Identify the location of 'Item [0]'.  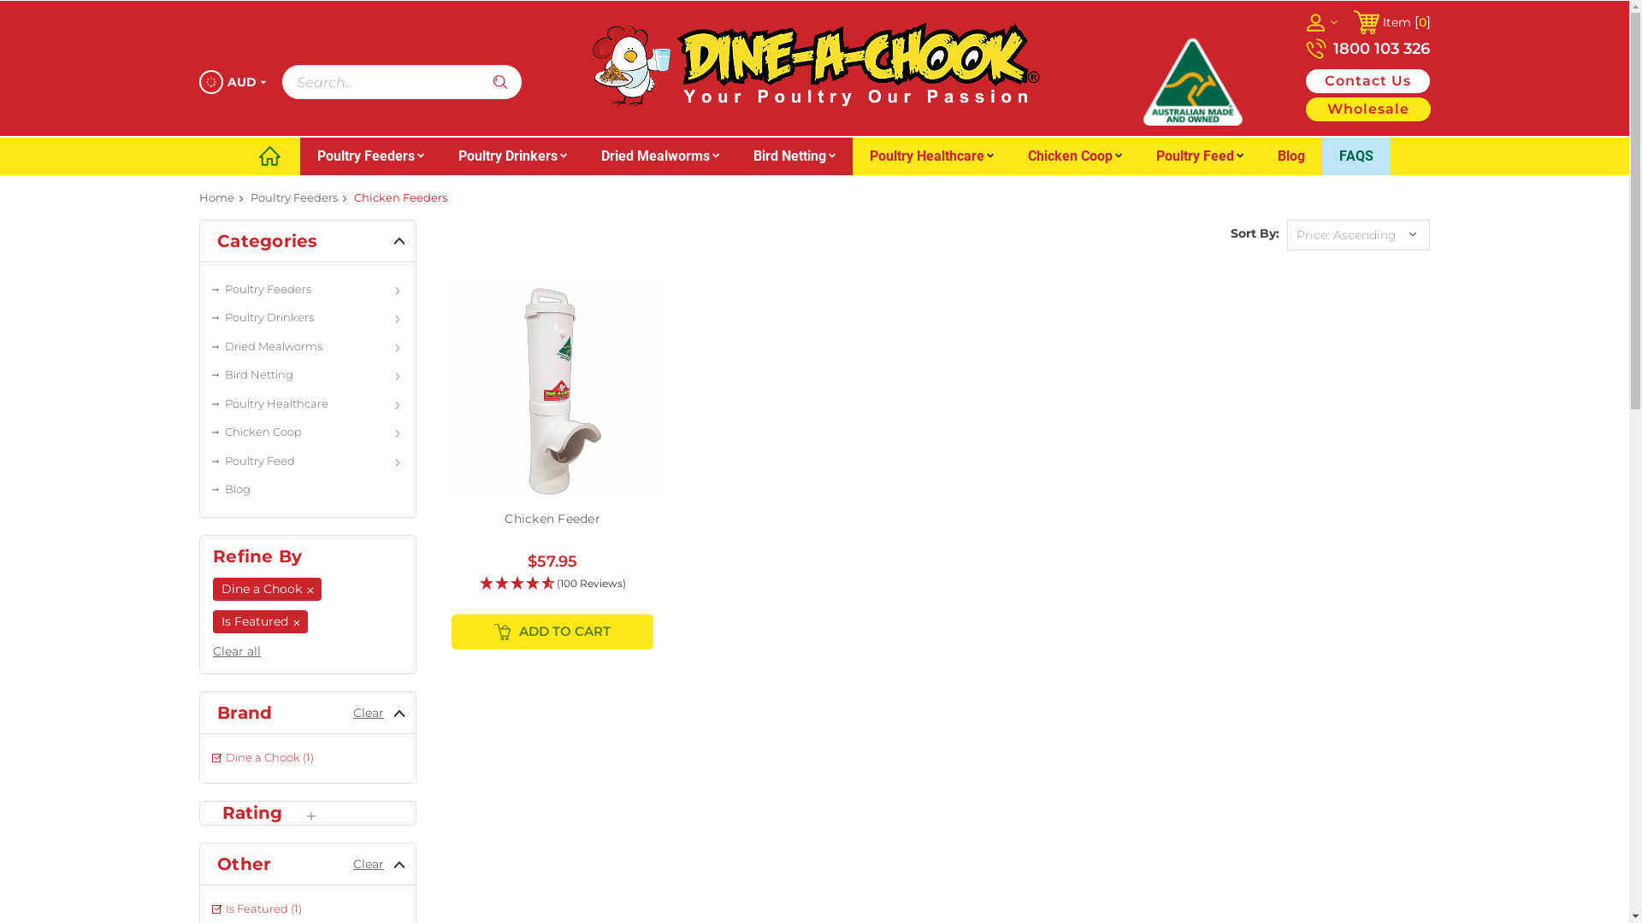
(1352, 22).